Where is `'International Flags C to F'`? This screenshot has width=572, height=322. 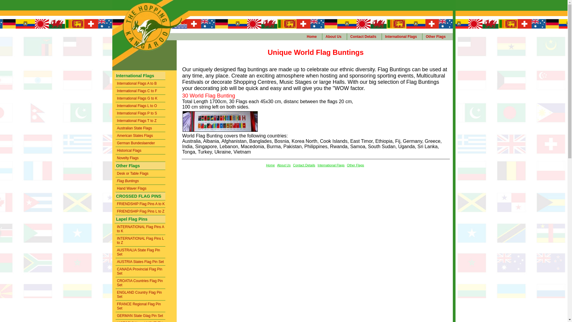 'International Flags C to F' is located at coordinates (116, 91).